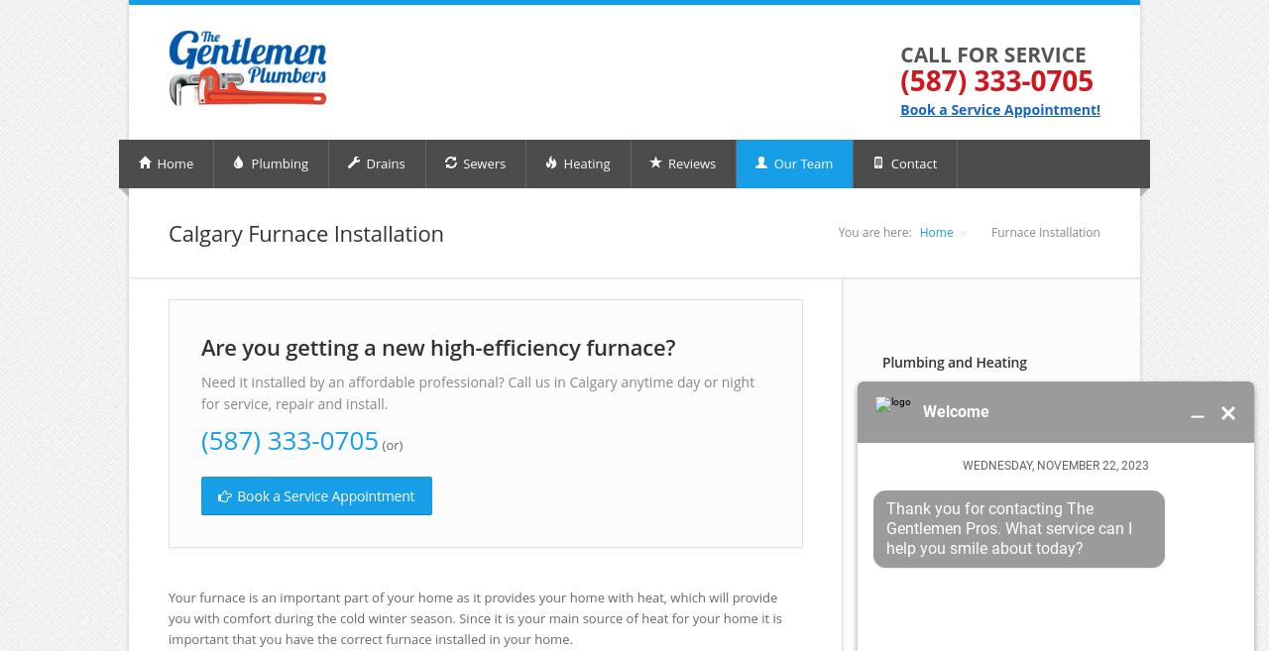 The image size is (1269, 651). I want to click on 'Are you getting a new high-efficiency furnace?', so click(436, 346).